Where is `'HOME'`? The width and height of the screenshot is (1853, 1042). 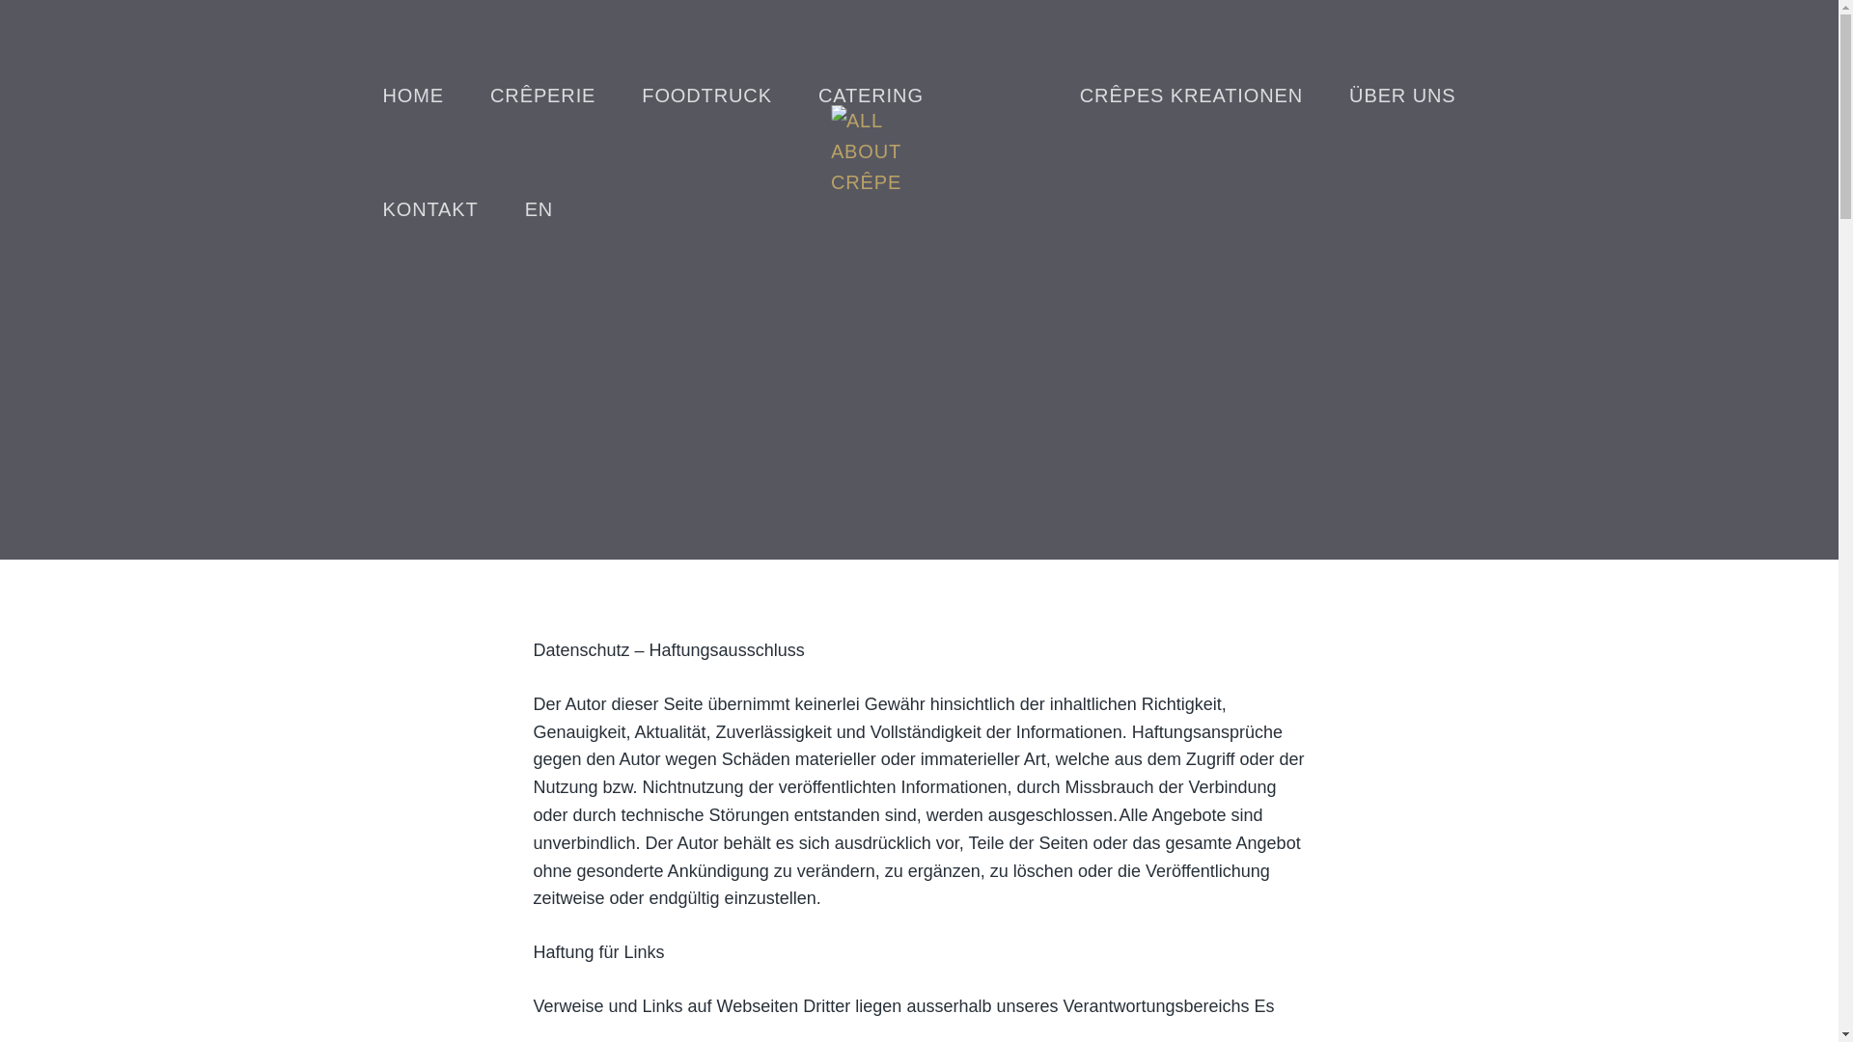 'HOME' is located at coordinates (411, 96).